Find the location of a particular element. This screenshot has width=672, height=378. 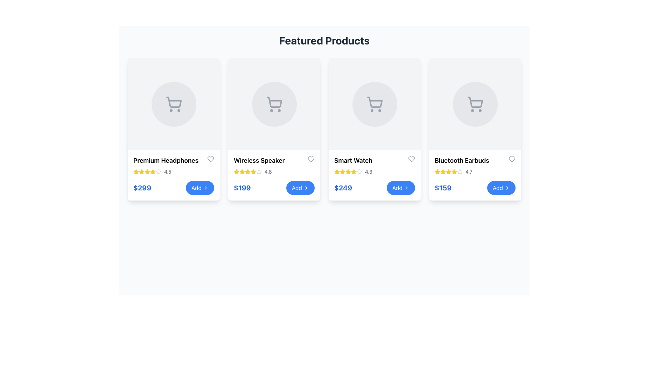

the fifth star icon in the rating section of the 'Wireless Speaker' card to indicate a rating level is located at coordinates (248, 171).